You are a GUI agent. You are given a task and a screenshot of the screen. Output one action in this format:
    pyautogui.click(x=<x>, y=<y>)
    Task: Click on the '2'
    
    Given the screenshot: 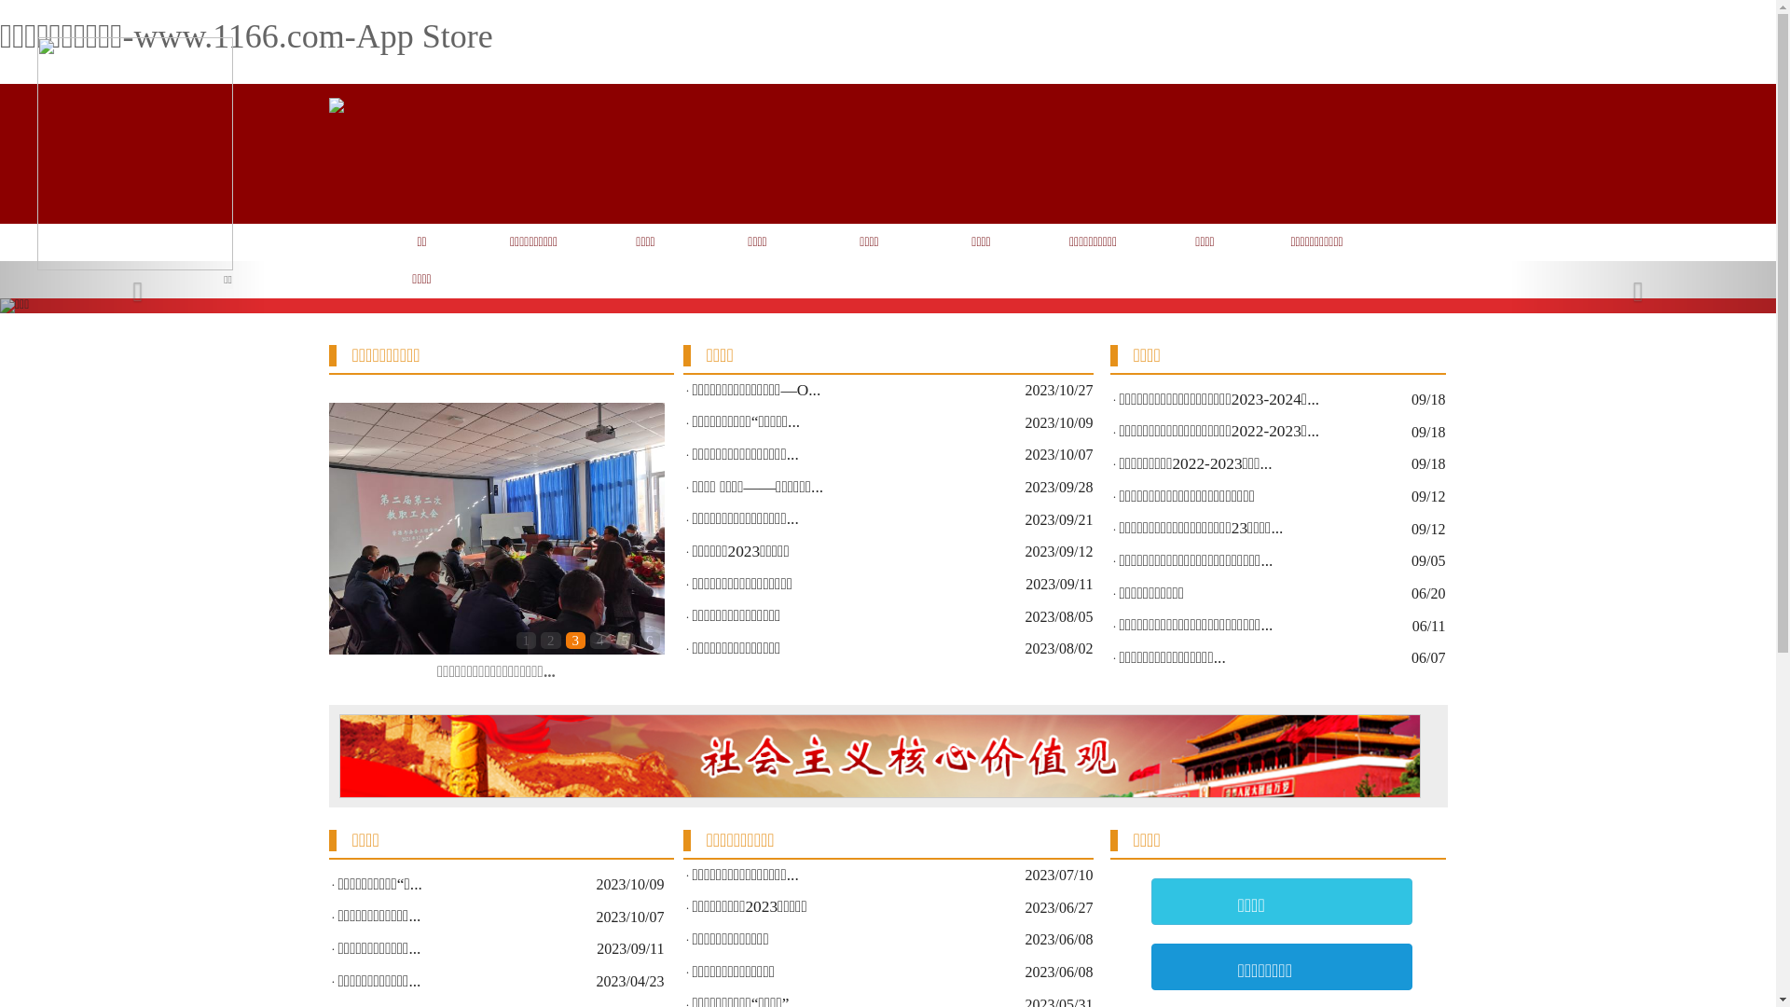 What is the action you would take?
    pyautogui.click(x=549, y=639)
    